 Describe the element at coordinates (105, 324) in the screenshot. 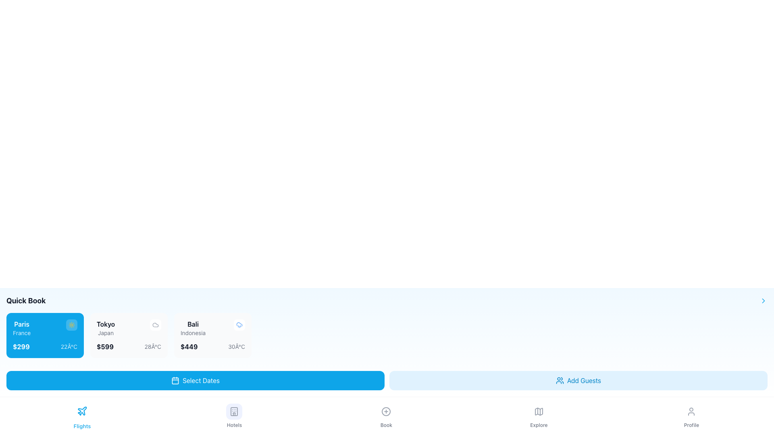

I see `the city name label that identifies the travel destination, positioned above the label displaying 'Japan'` at that location.